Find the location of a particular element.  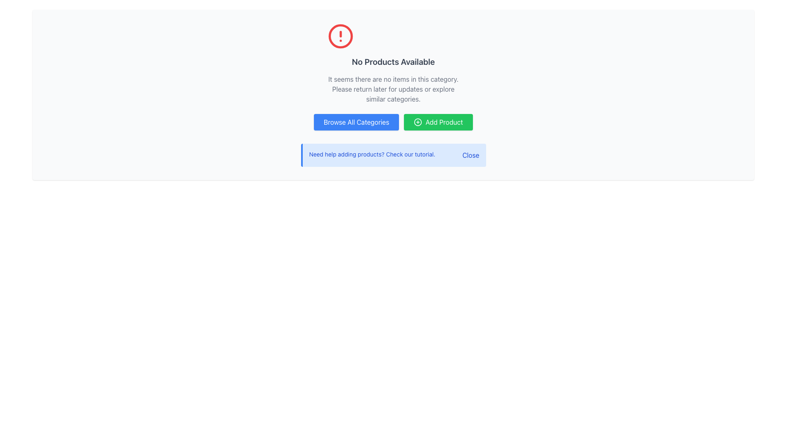

the Text Content Block that displays a notification about the unavailability of items, positioned below the heading 'No Products Available' is located at coordinates (393, 89).